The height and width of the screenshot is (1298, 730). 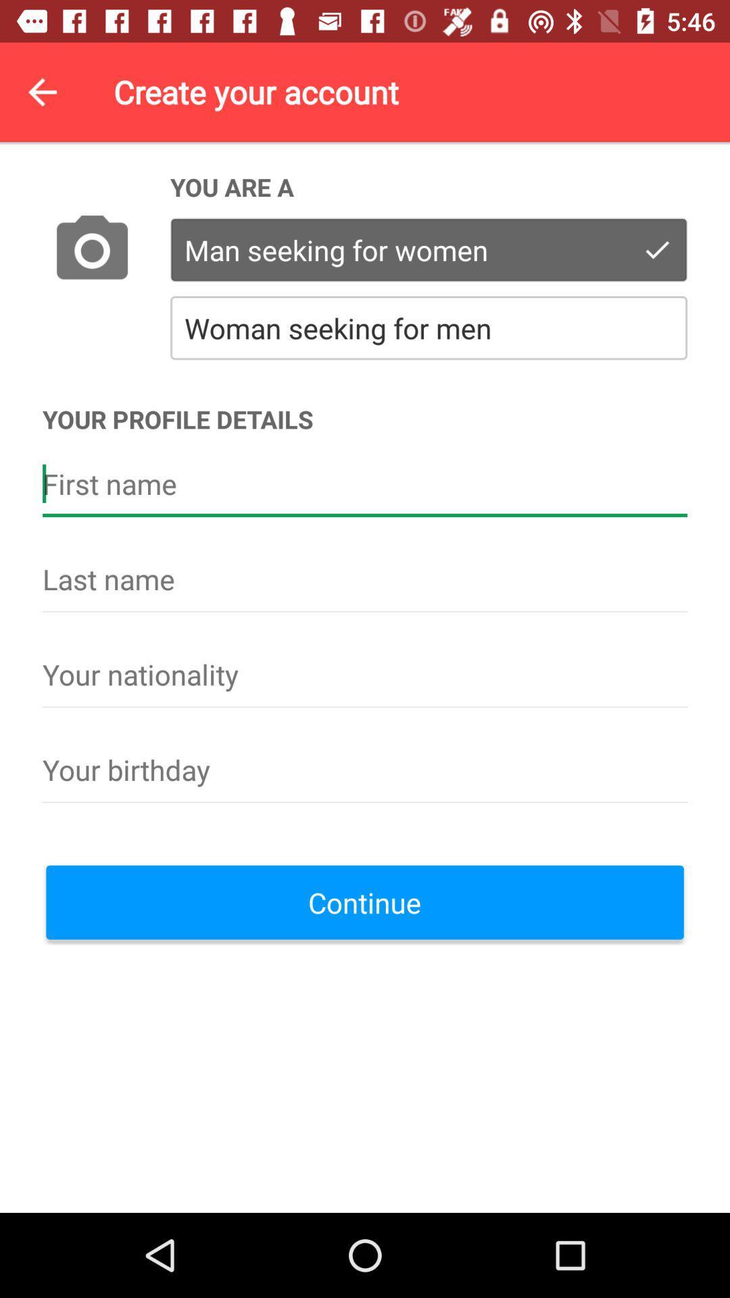 What do you see at coordinates (91, 251) in the screenshot?
I see `the icon above the your profile details icon` at bounding box center [91, 251].